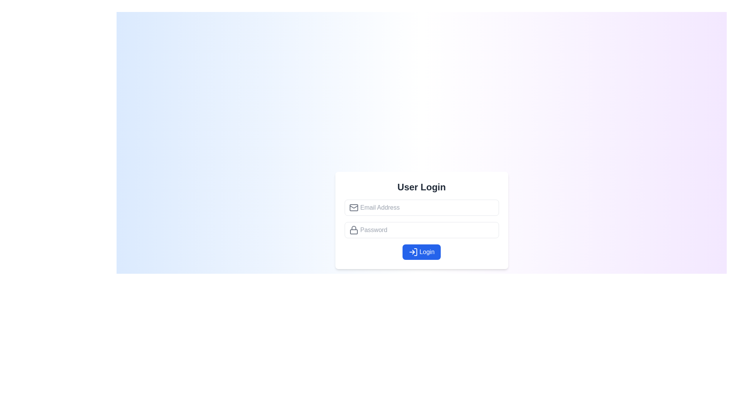  I want to click on the blue 'Login' button with rounded corners, so click(421, 252).